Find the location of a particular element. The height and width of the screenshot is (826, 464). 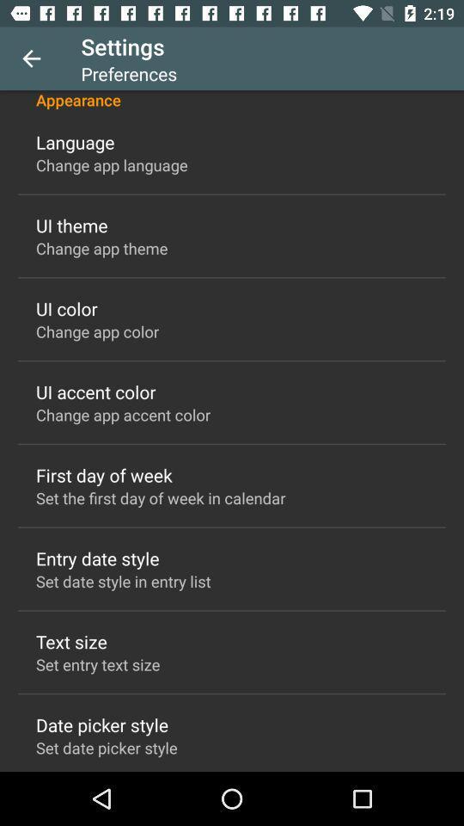

appearance icon is located at coordinates (232, 100).